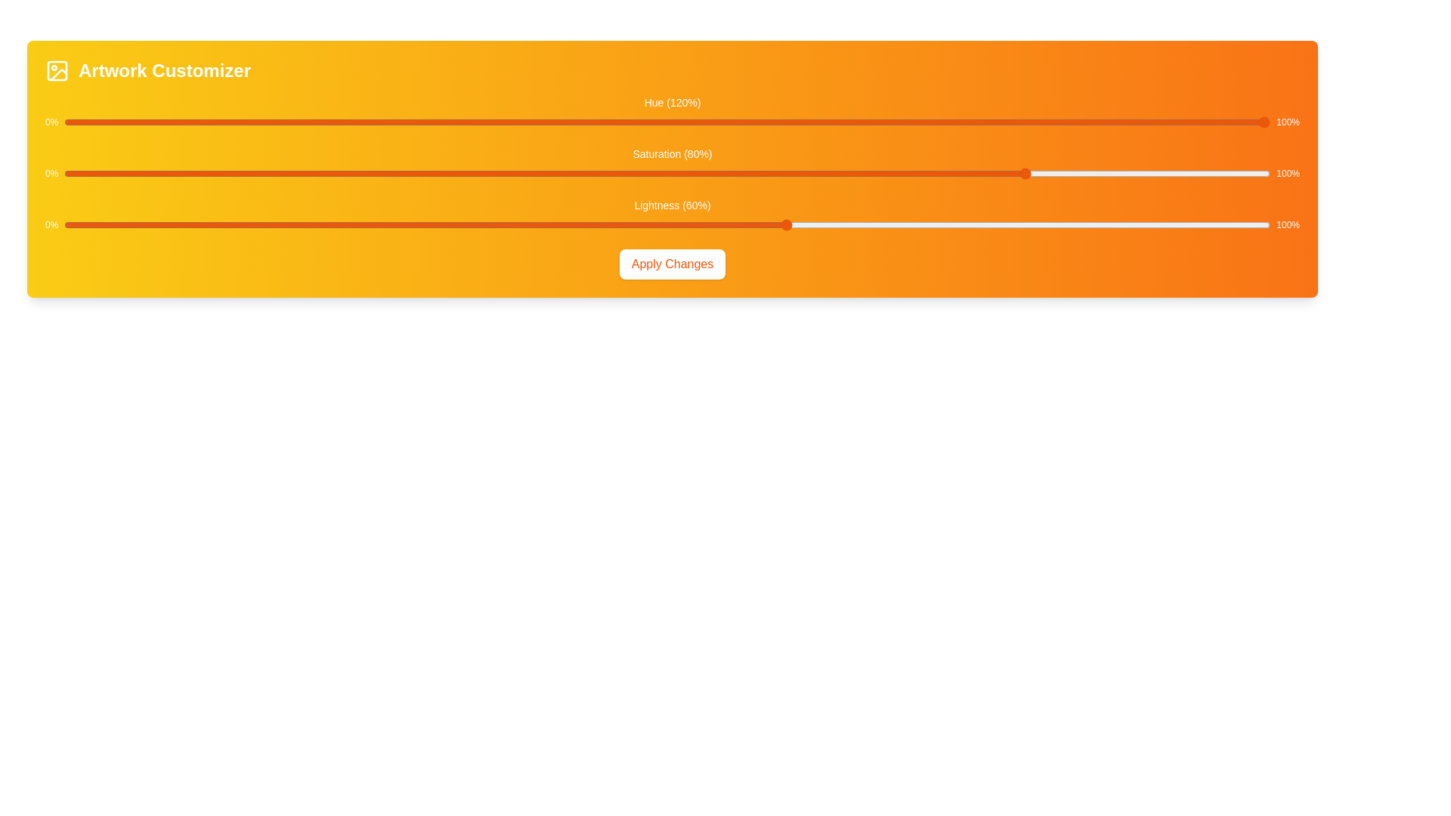 The height and width of the screenshot is (816, 1451). Describe the element at coordinates (269, 122) in the screenshot. I see `the hue slider to set its value to 17%` at that location.